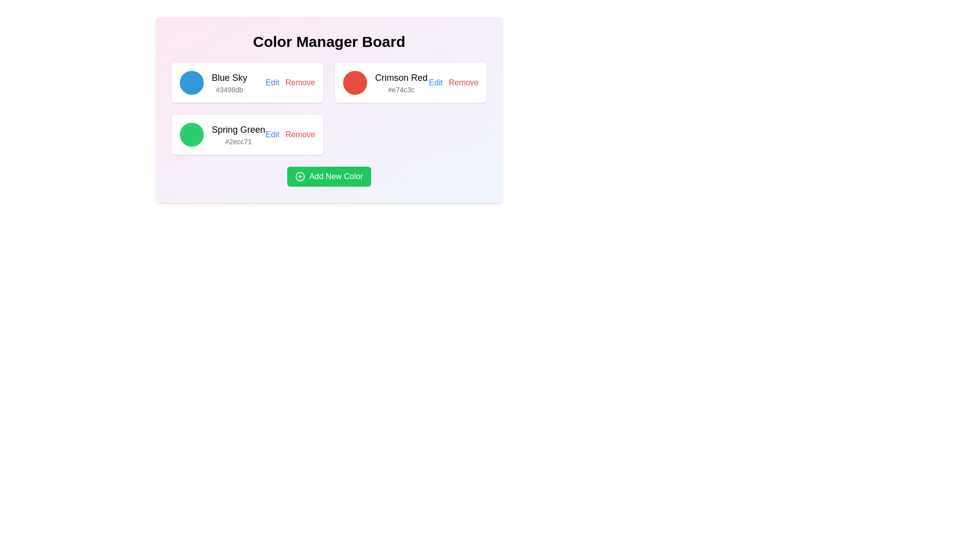 The image size is (959, 539). Describe the element at coordinates (229, 90) in the screenshot. I see `the color code text label for 'Blue Sky', which is located below the title text 'Blue Sky' within its card` at that location.